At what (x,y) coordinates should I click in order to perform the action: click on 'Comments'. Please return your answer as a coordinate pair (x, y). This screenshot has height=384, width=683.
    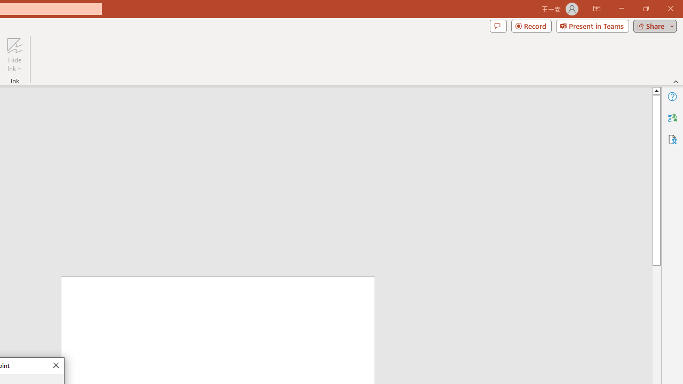
    Looking at the image, I should click on (497, 25).